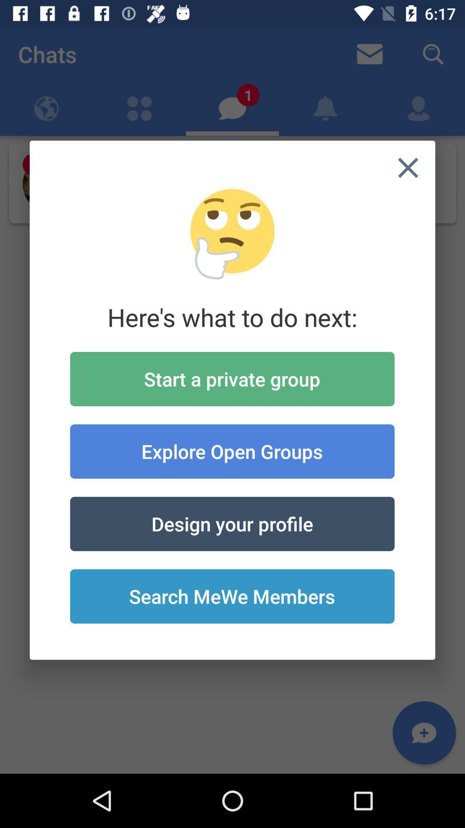 This screenshot has height=828, width=465. What do you see at coordinates (232, 523) in the screenshot?
I see `the item below explore open groups icon` at bounding box center [232, 523].